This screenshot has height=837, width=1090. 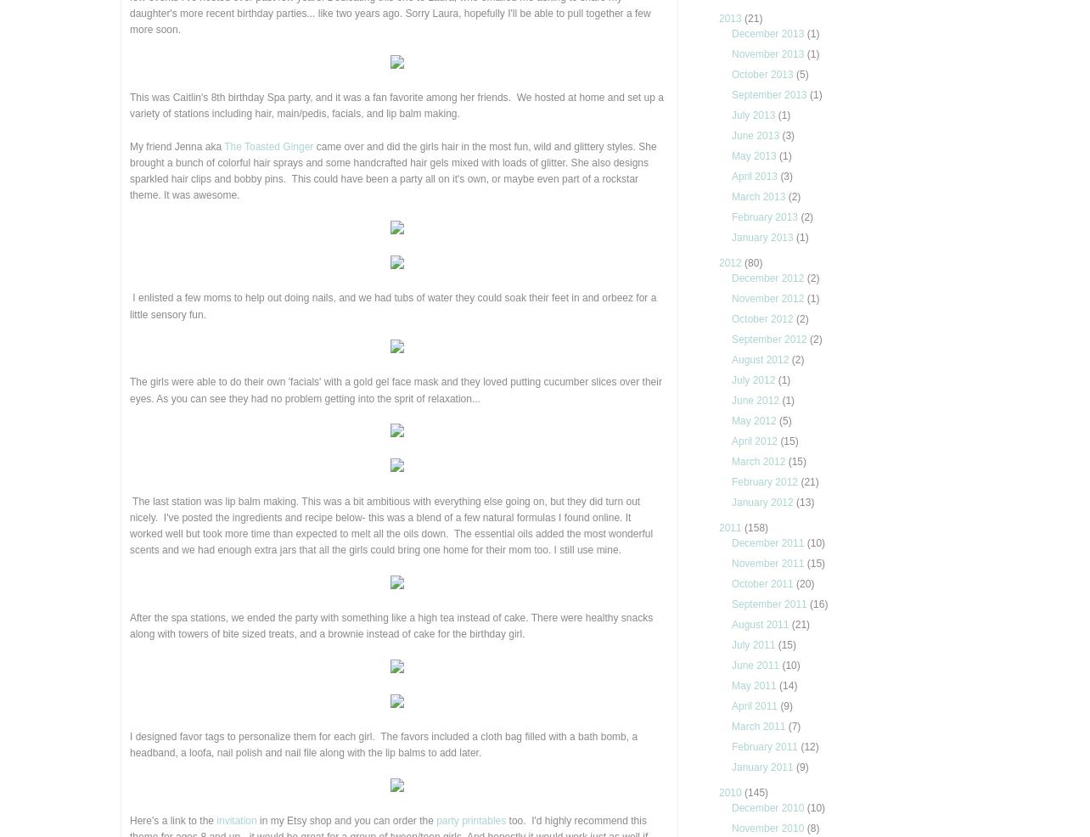 I want to click on 'July 2013', so click(x=754, y=115).